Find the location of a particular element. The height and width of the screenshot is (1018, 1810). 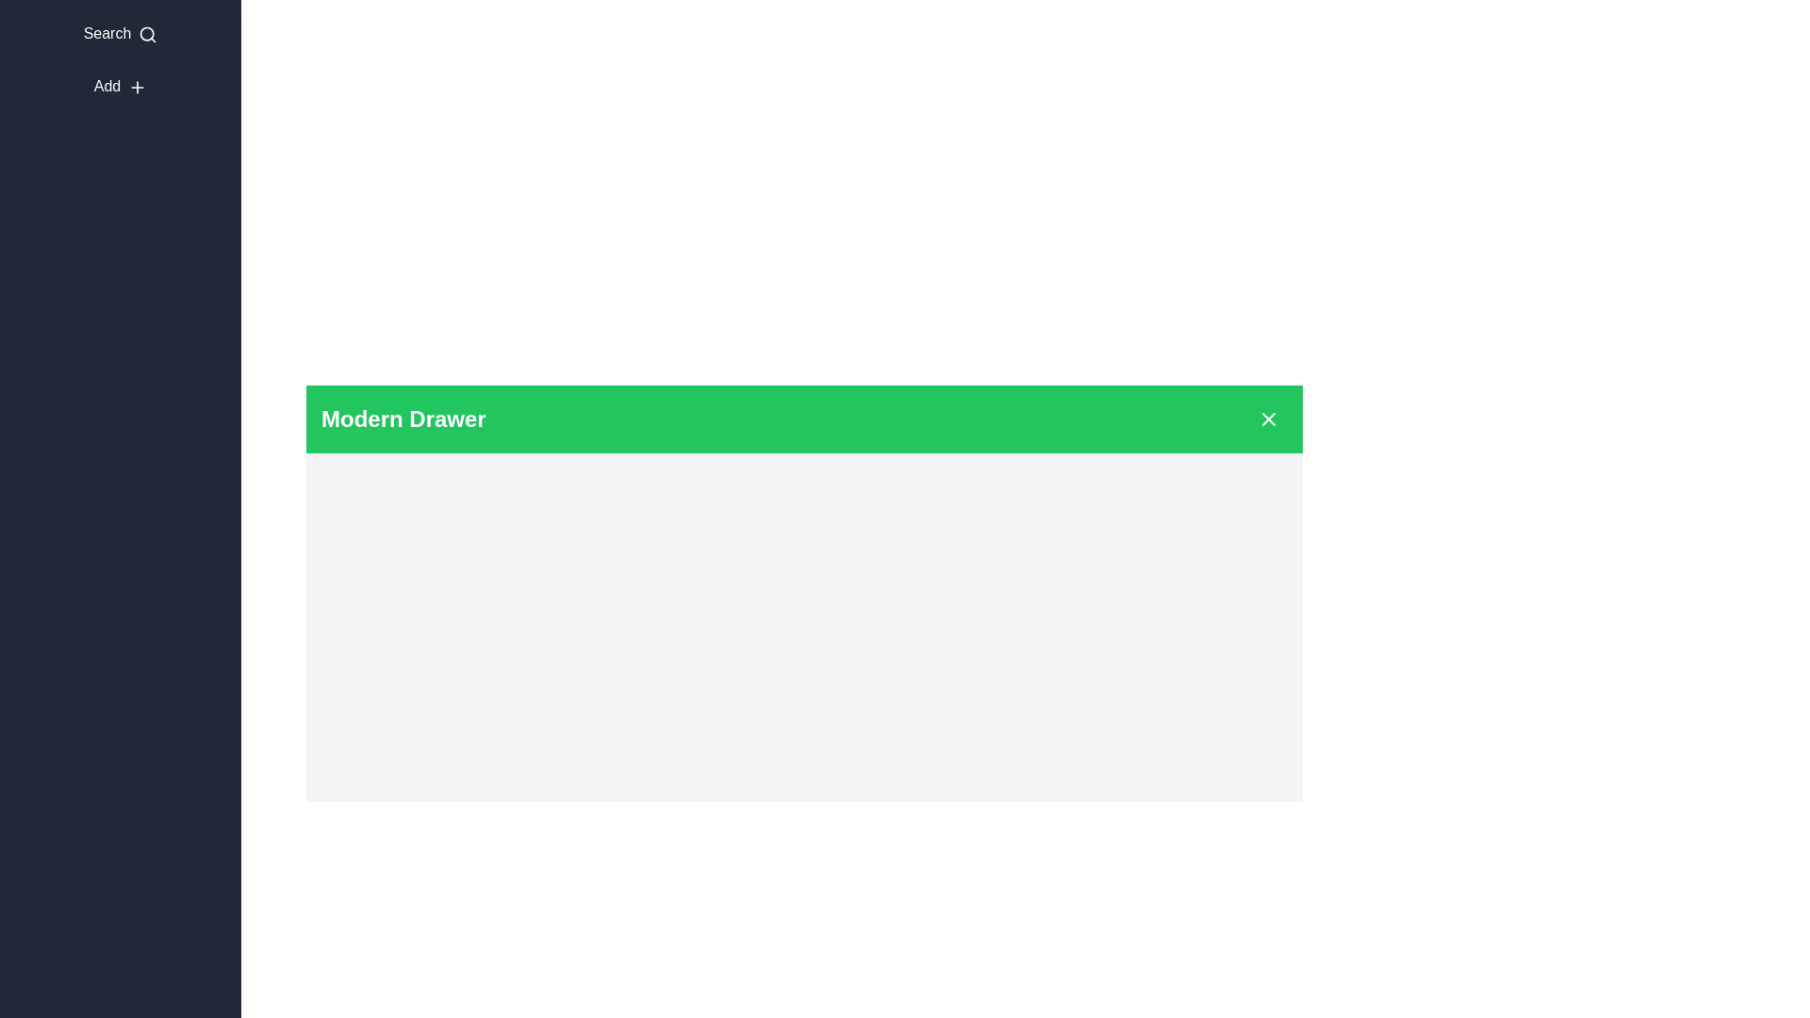

the search button located in the top-left corner of the side navigation panel to initiate the search functionality is located at coordinates (120, 33).